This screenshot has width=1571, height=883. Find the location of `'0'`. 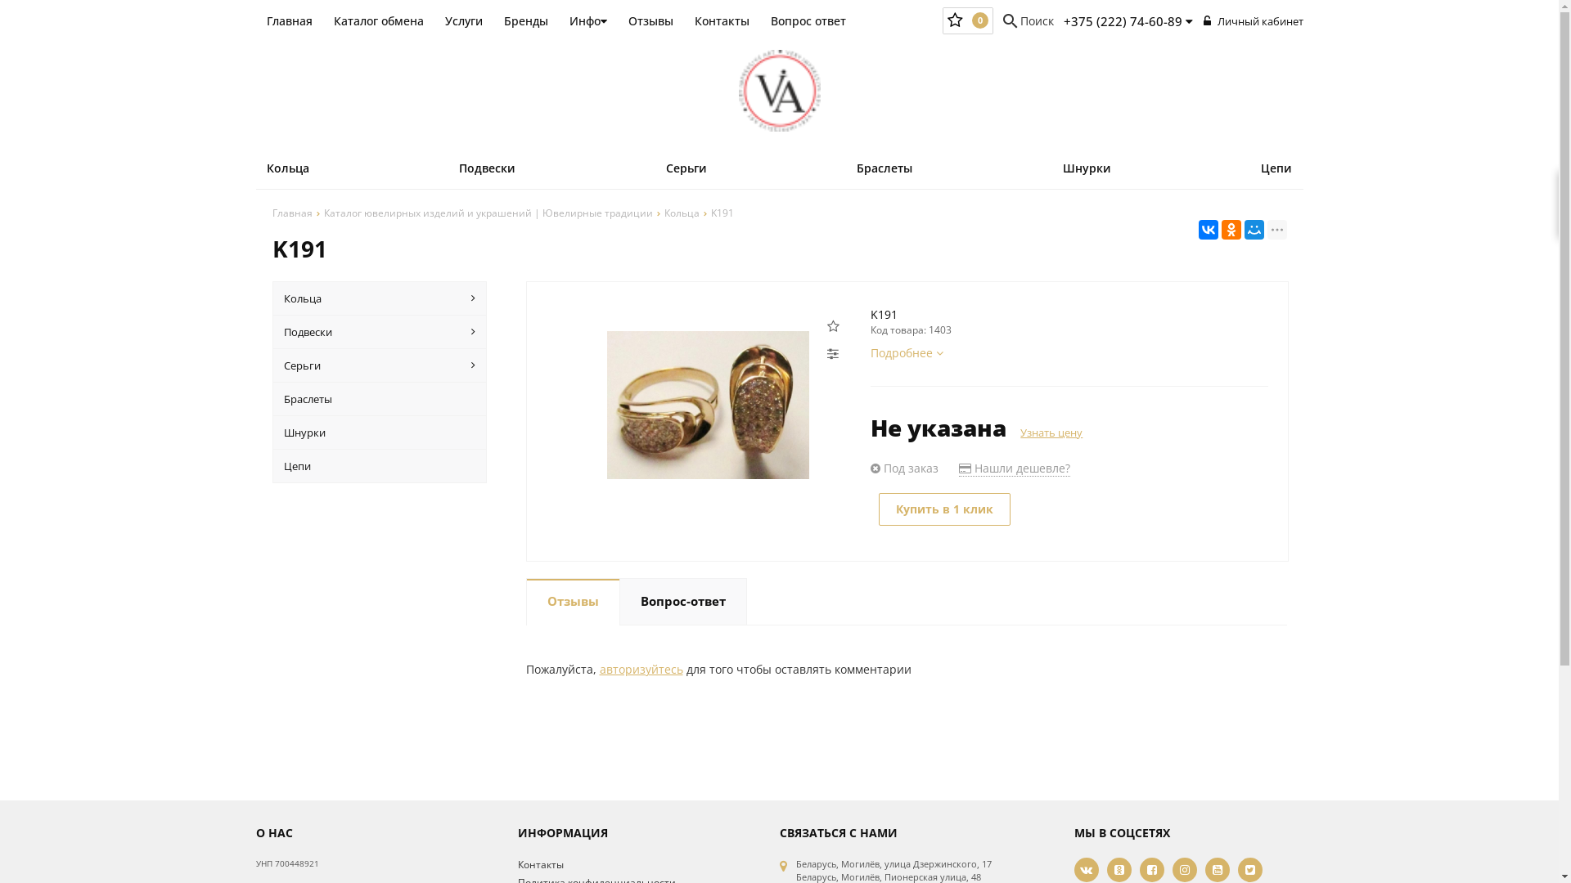

'0' is located at coordinates (943, 20).